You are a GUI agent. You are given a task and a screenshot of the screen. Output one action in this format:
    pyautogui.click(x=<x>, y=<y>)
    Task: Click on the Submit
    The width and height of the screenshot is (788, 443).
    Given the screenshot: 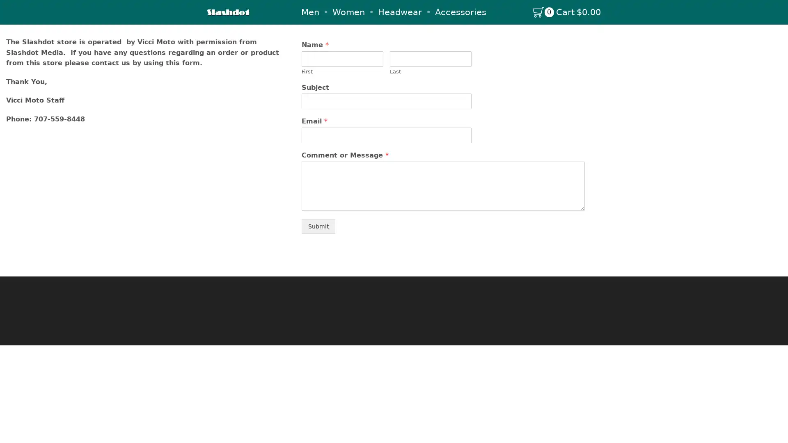 What is the action you would take?
    pyautogui.click(x=318, y=226)
    